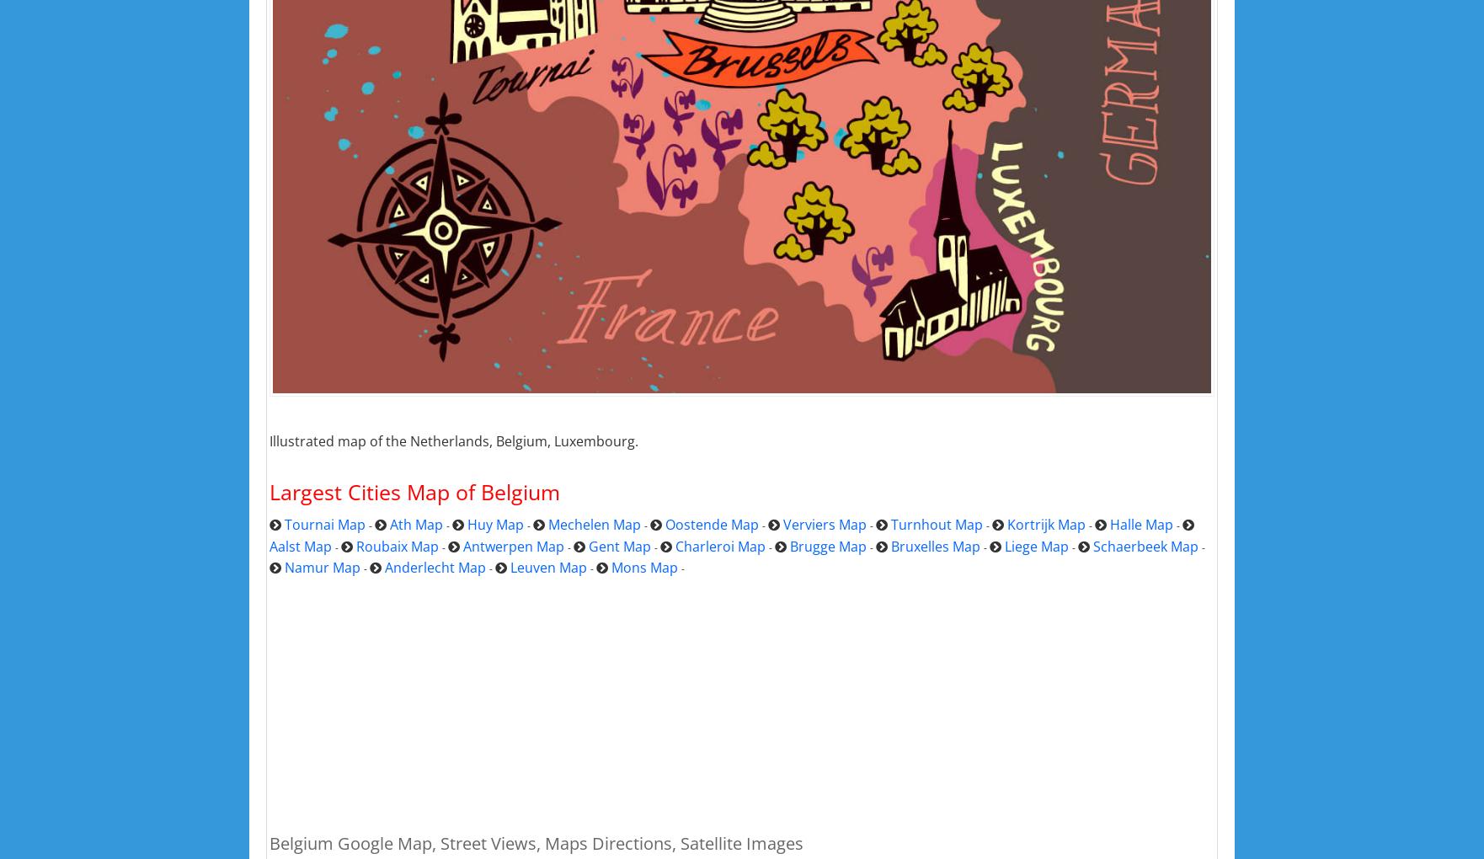 The image size is (1484, 859). I want to click on 'Kortrijk Map', so click(1007, 524).